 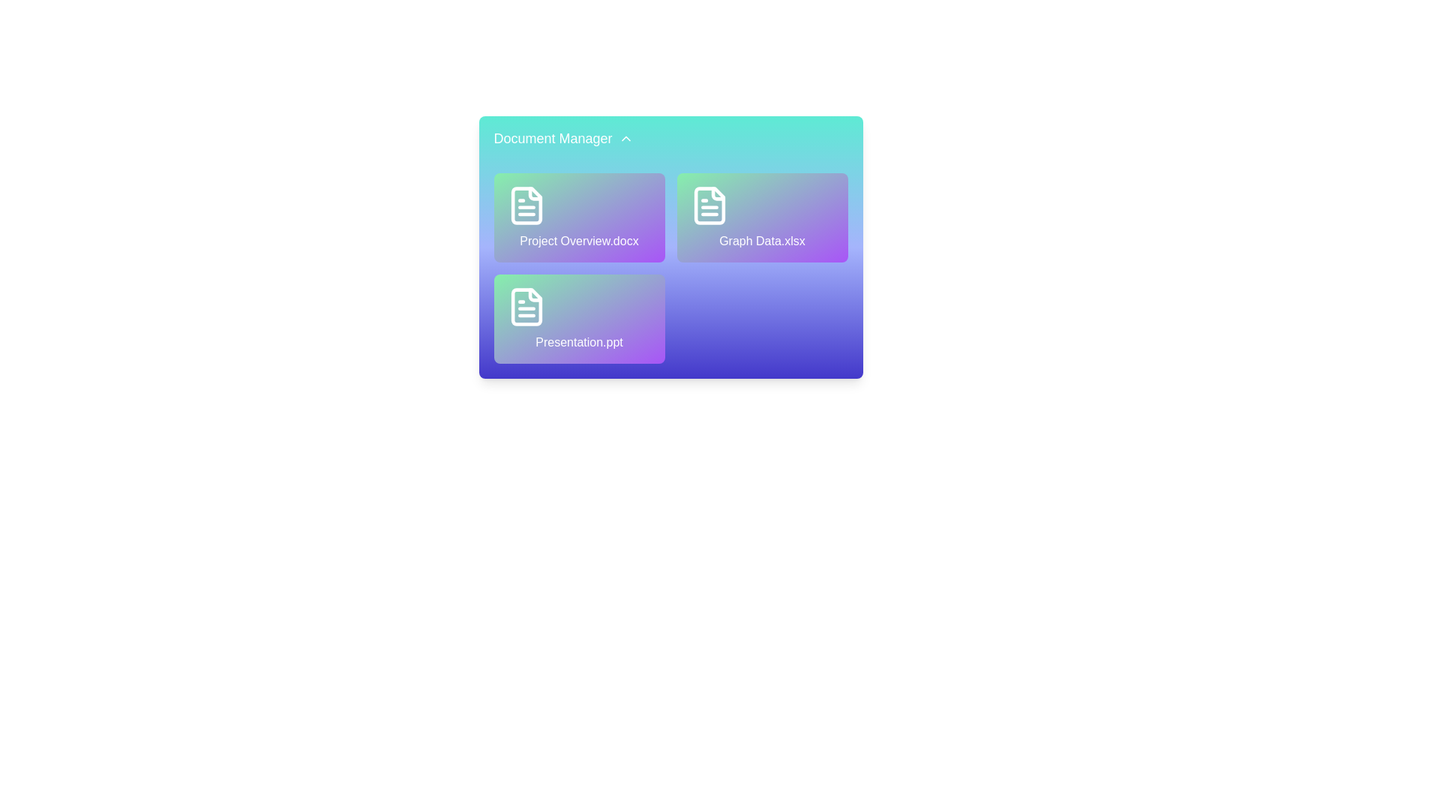 I want to click on the file Presentation.ppt to observe hover effects, so click(x=578, y=318).